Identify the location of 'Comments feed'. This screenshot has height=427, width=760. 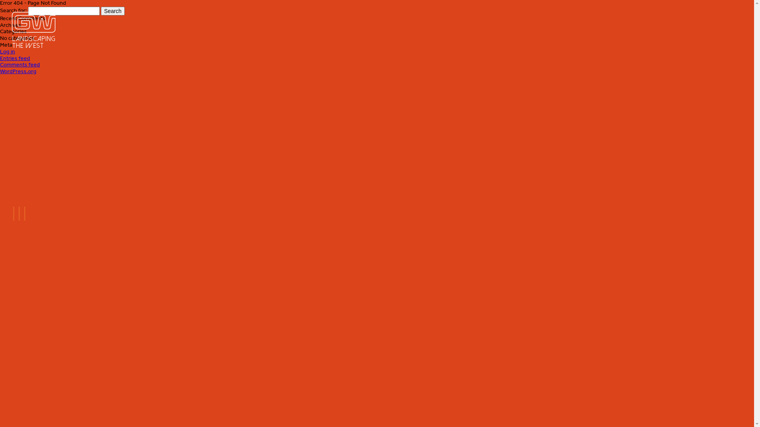
(20, 64).